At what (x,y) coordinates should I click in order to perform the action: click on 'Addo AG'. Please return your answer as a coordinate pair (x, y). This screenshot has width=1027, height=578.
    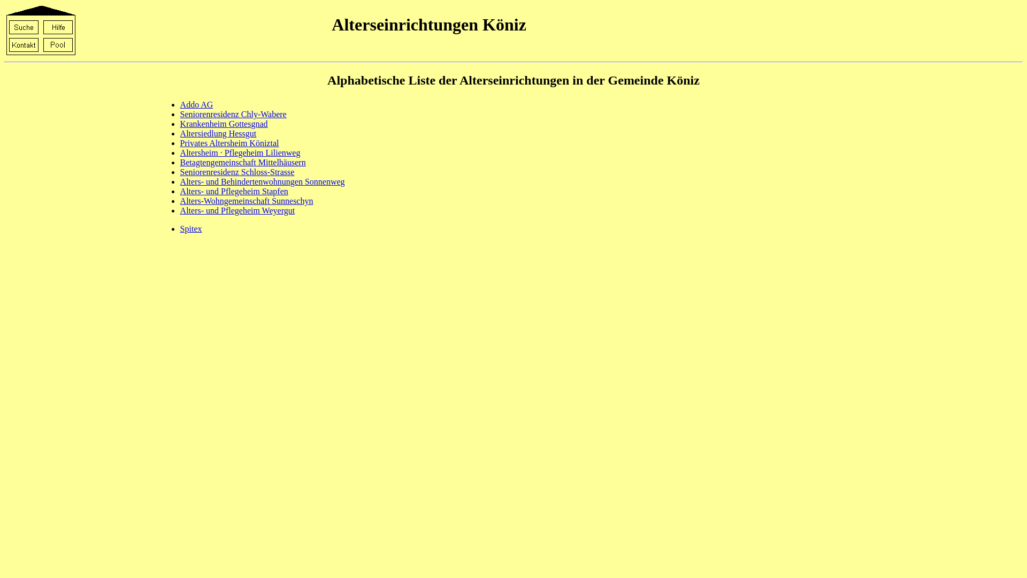
    Looking at the image, I should click on (197, 104).